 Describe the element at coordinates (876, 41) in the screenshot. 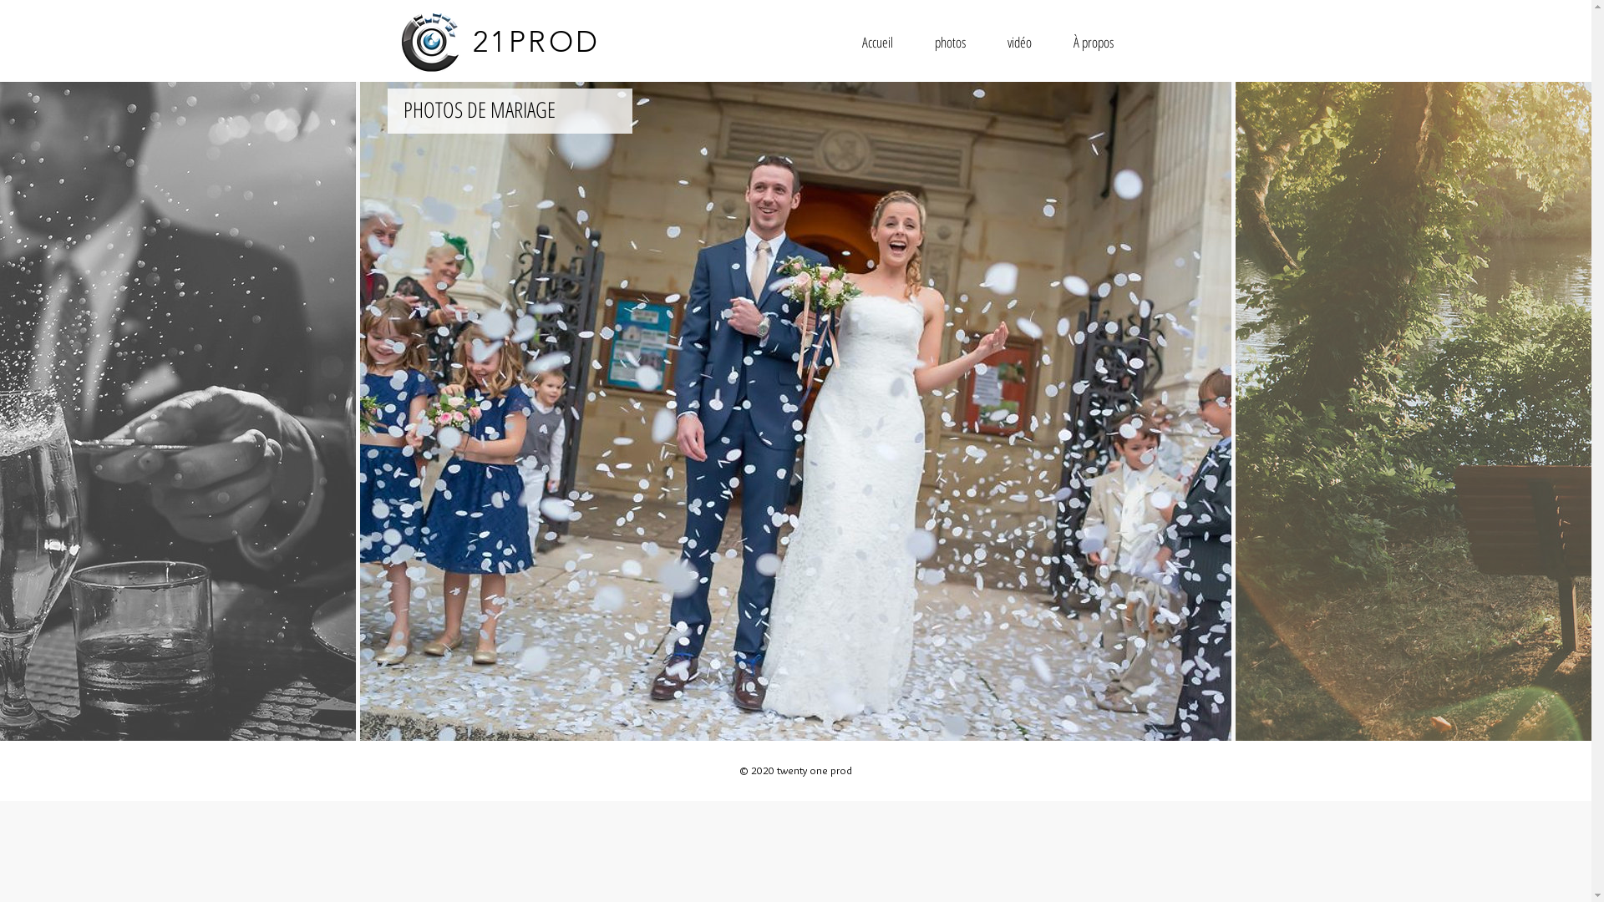

I see `'Accueil'` at that location.